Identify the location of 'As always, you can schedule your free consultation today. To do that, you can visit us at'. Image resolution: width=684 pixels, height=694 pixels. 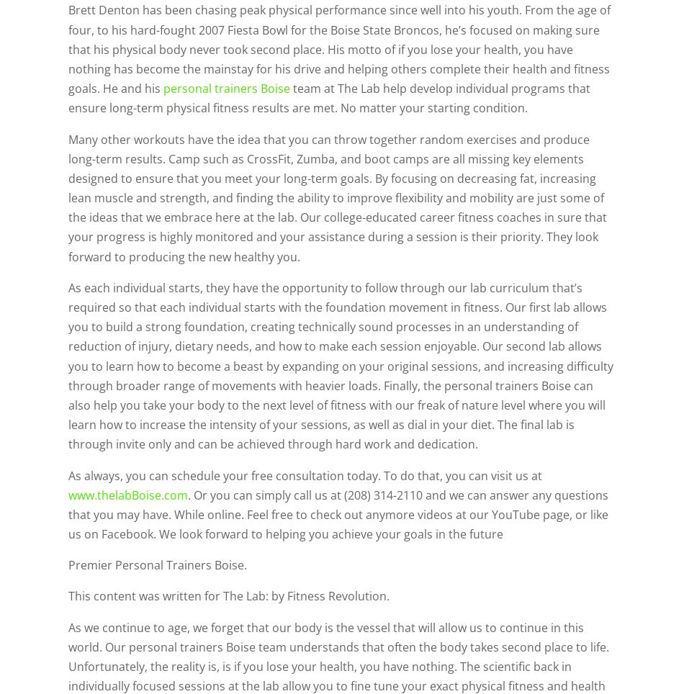
(304, 474).